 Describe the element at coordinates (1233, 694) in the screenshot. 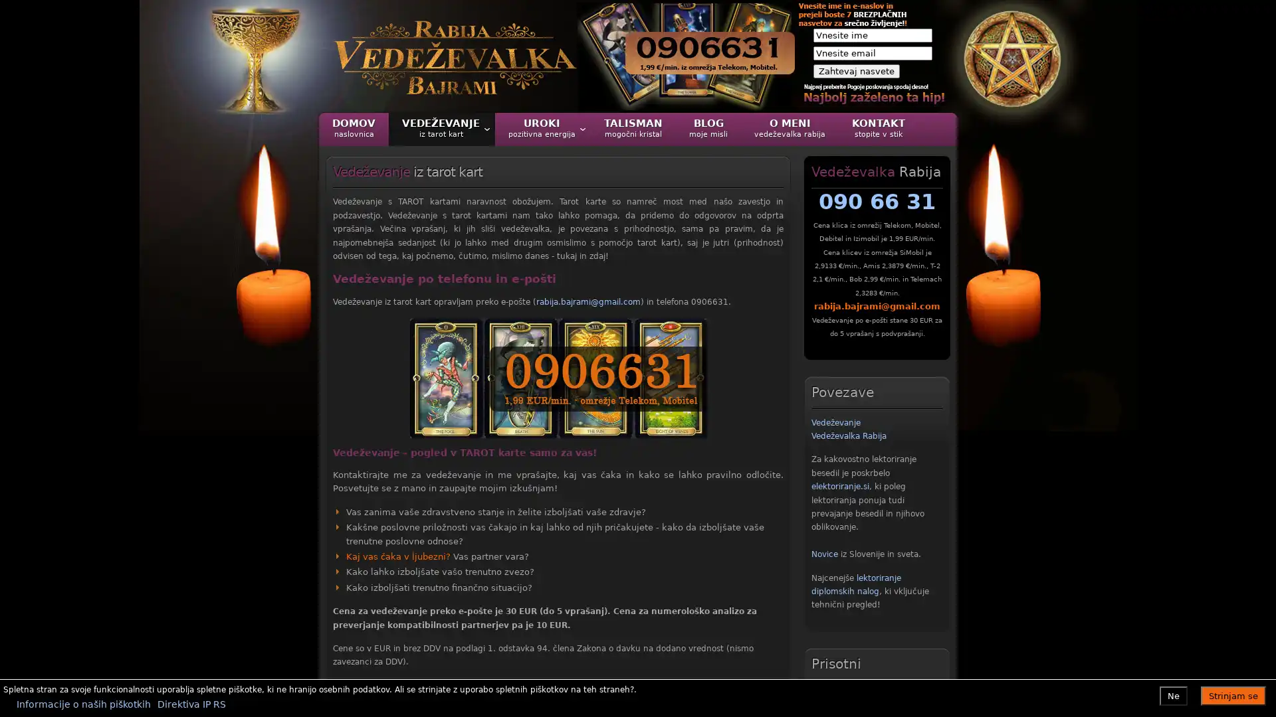

I see `Strinjam se` at that location.